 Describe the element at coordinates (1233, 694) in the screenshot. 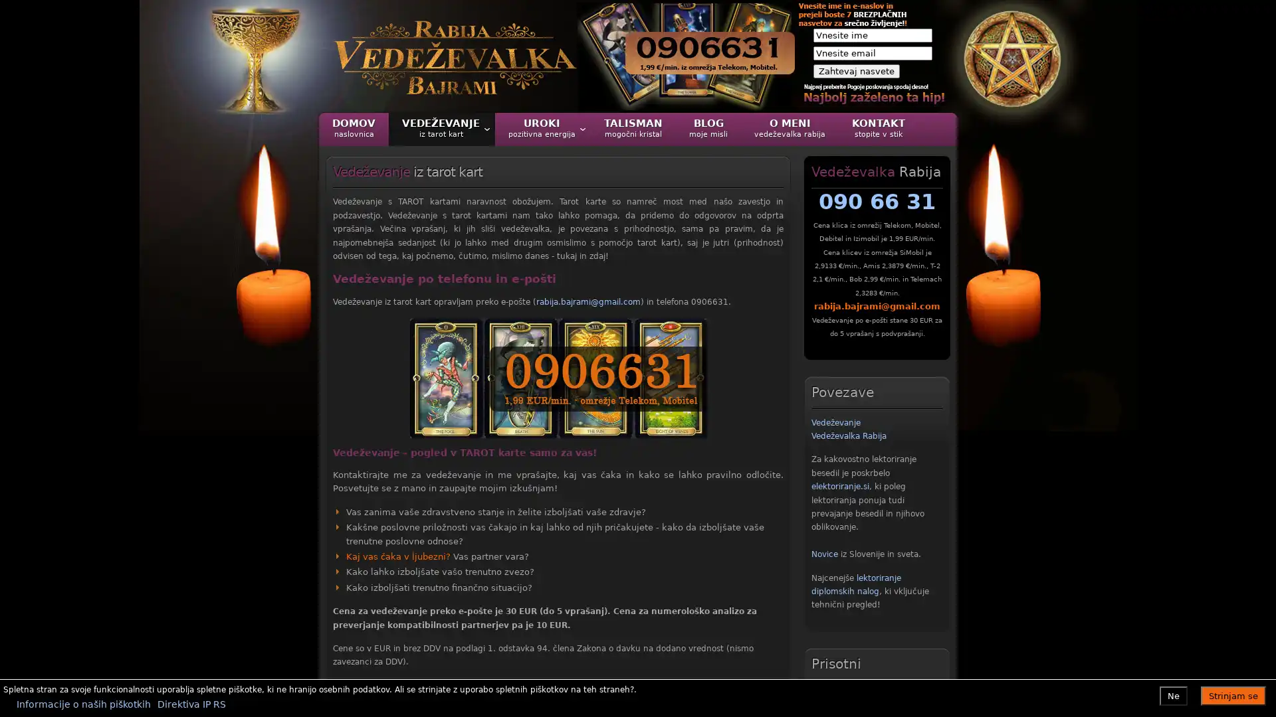

I see `Strinjam se` at that location.